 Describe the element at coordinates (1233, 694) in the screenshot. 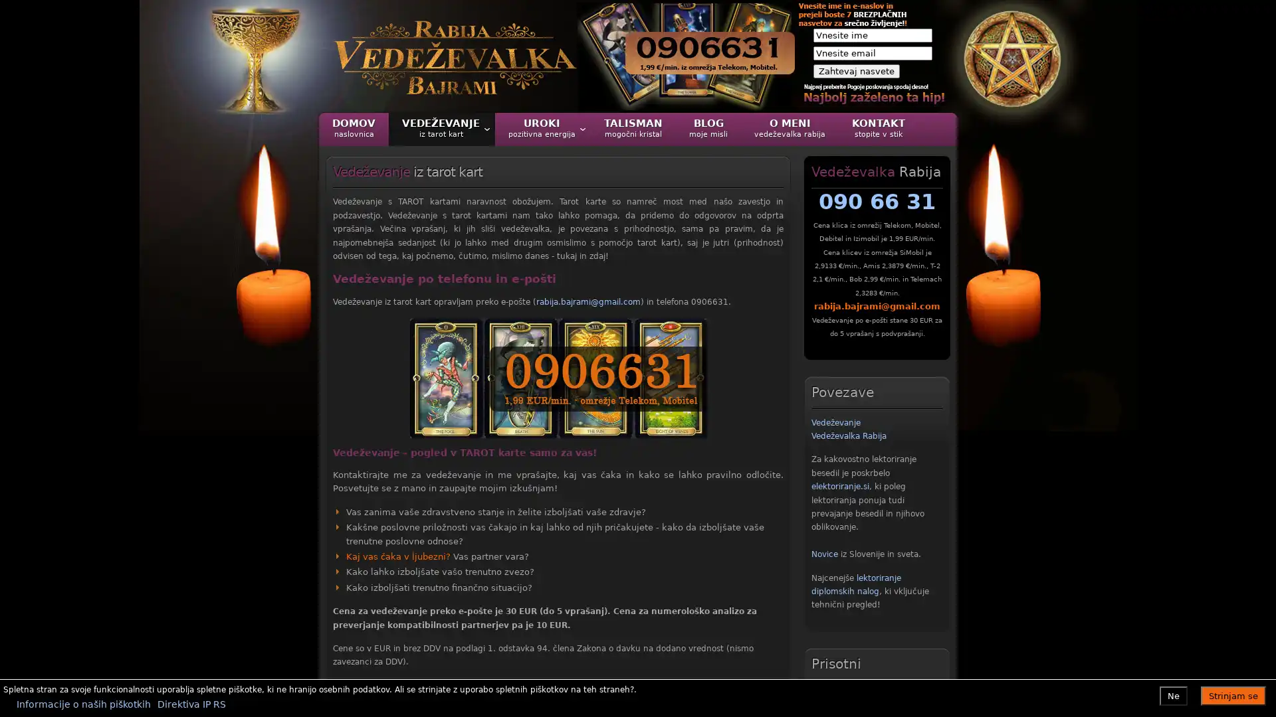

I see `Strinjam se` at that location.